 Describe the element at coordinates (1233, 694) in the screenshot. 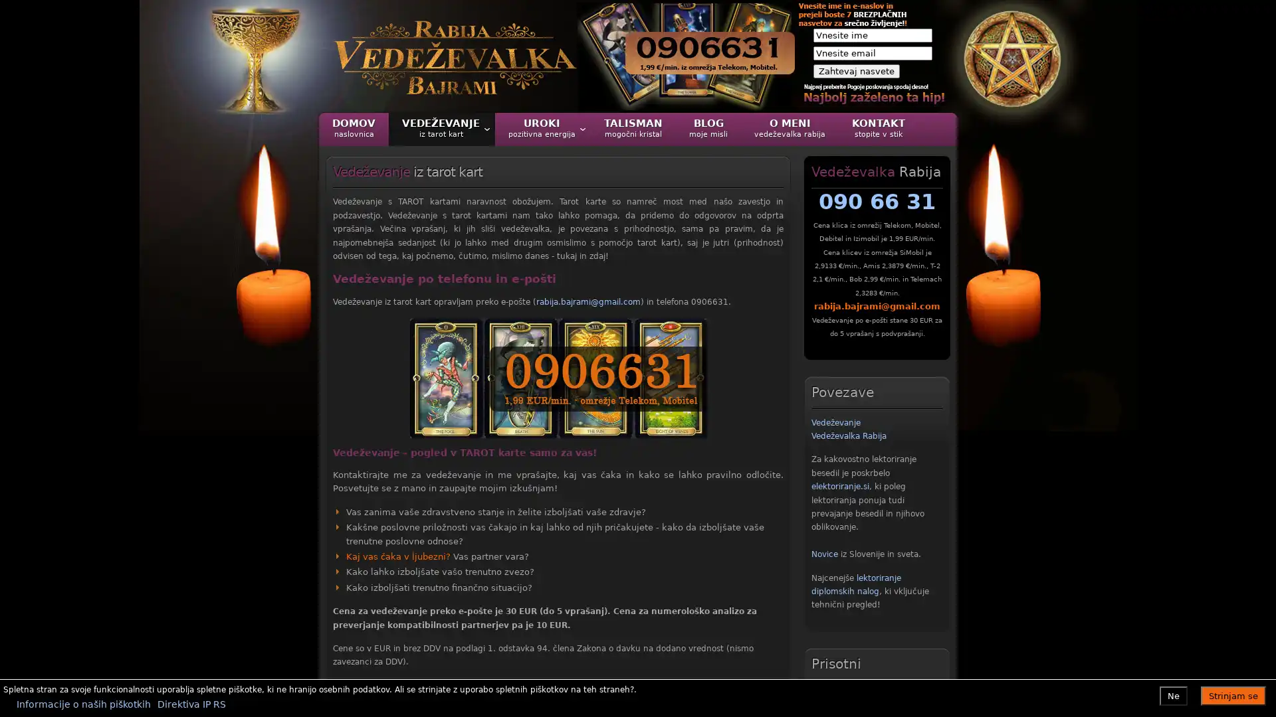

I see `Strinjam se` at that location.